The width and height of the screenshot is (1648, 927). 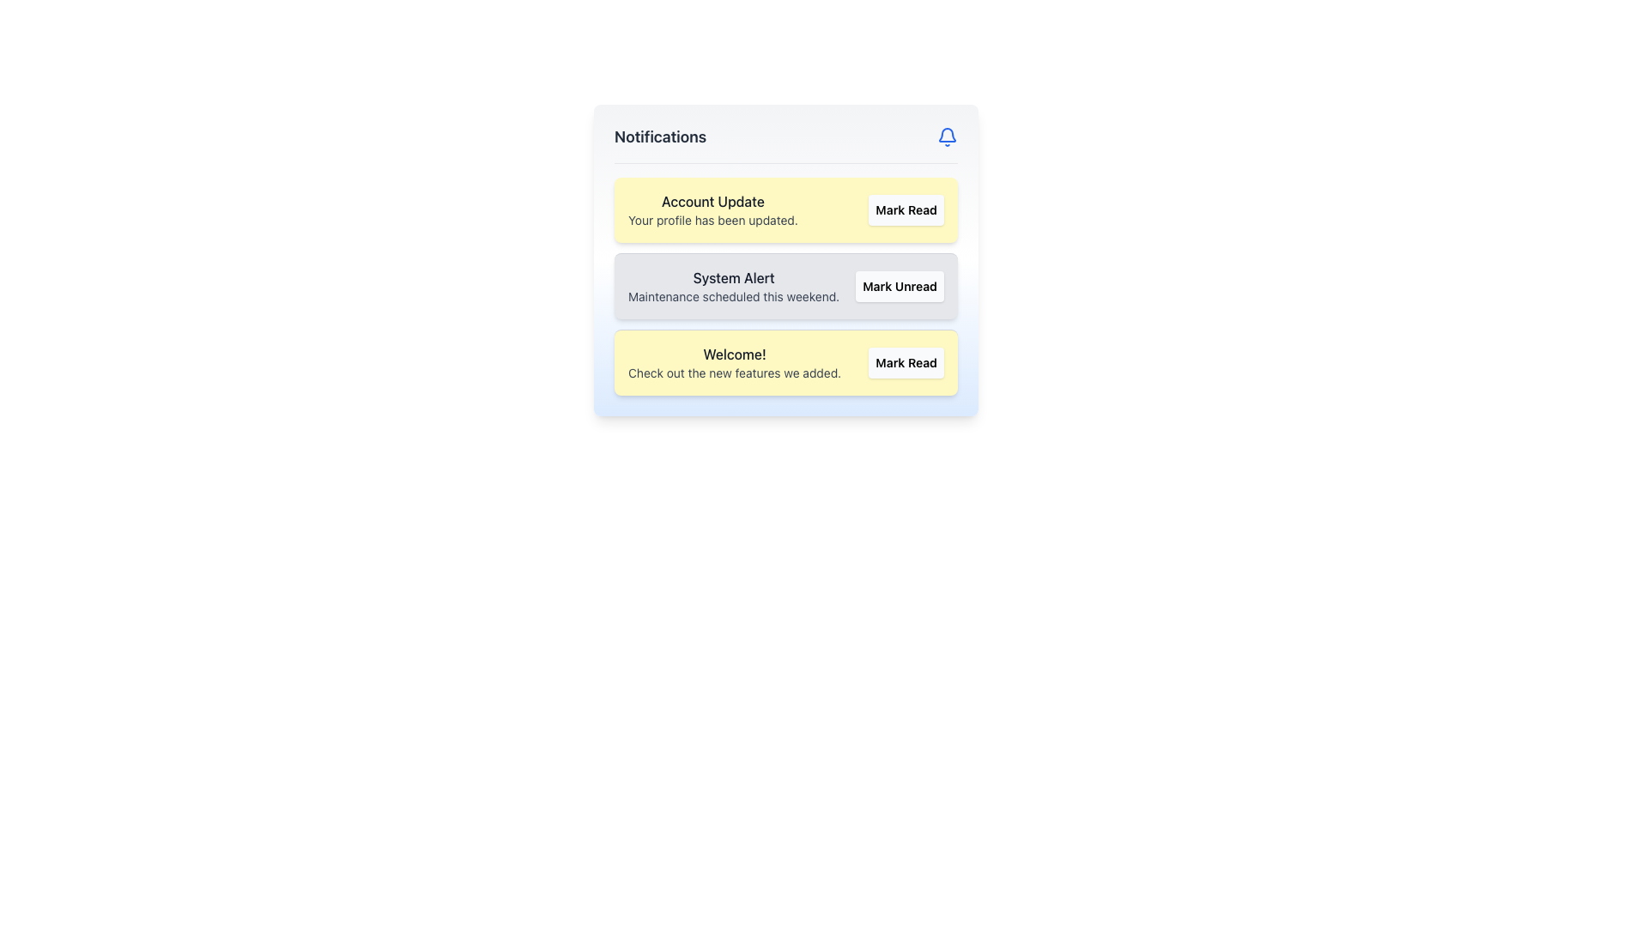 What do you see at coordinates (785, 361) in the screenshot?
I see `the Notification Banner that serves to inform the user about new features, located as the third notification below 'System Alert'` at bounding box center [785, 361].